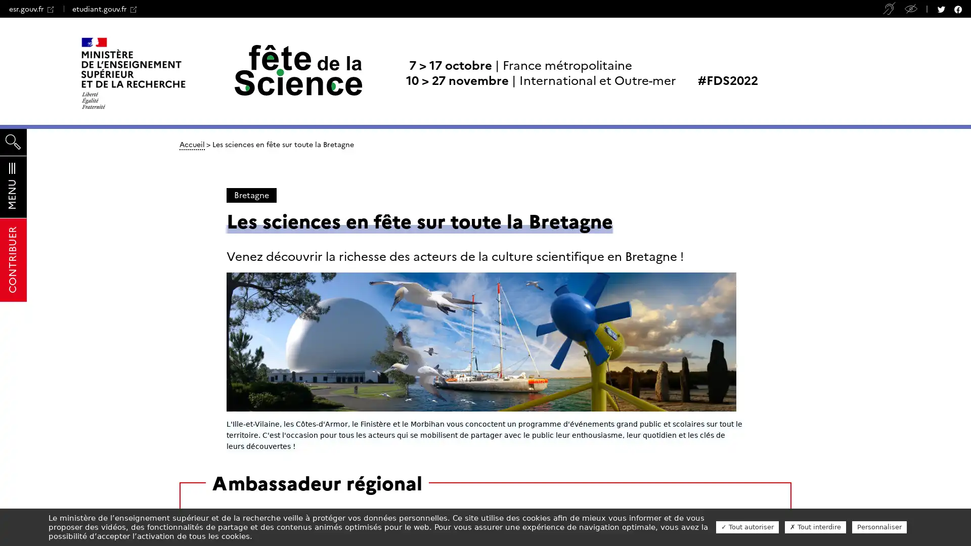  Describe the element at coordinates (815, 526) in the screenshot. I see `Tout interdire` at that location.